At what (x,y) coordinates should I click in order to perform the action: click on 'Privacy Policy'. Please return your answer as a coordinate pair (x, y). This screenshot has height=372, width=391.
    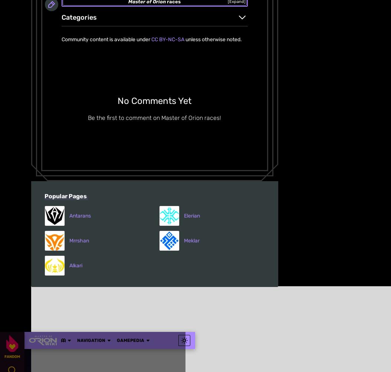
    Looking at the image, I should click on (177, 127).